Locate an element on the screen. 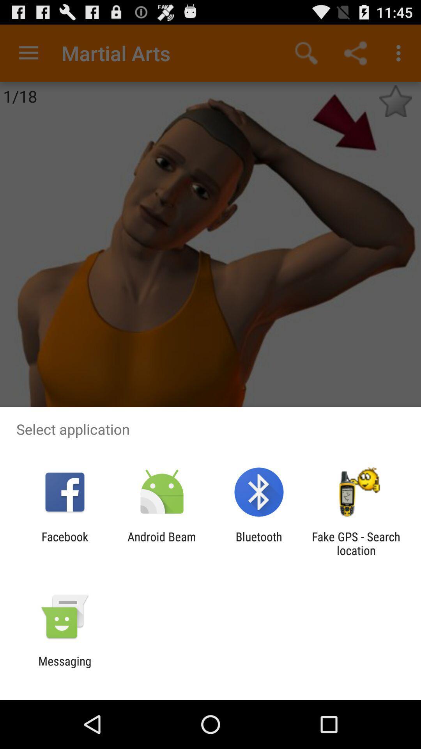 The height and width of the screenshot is (749, 421). the facebook item is located at coordinates (64, 543).